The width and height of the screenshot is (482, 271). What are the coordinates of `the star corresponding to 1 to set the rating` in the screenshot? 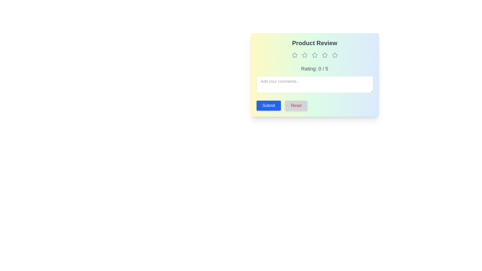 It's located at (294, 55).